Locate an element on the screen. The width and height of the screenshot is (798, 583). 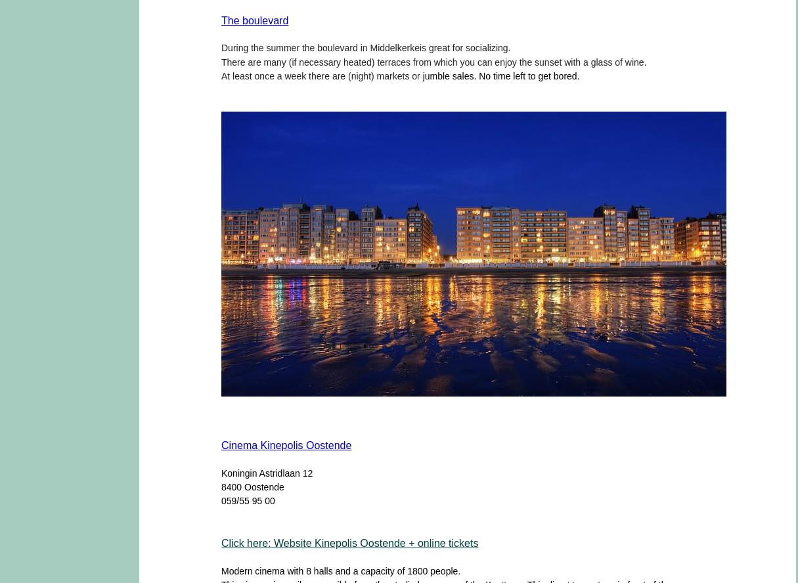
'During the' is located at coordinates (241, 47).